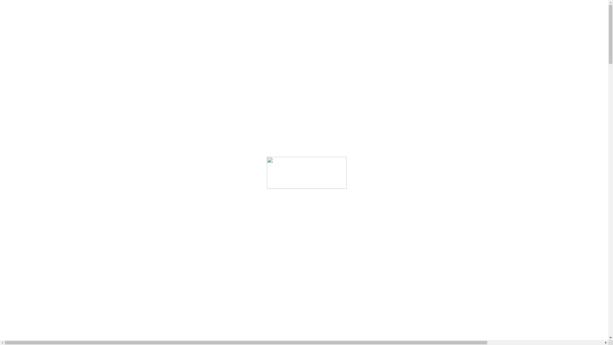 The image size is (613, 345). What do you see at coordinates (42, 136) in the screenshot?
I see `'TERUG NAAR ALTARES.BE'` at bounding box center [42, 136].